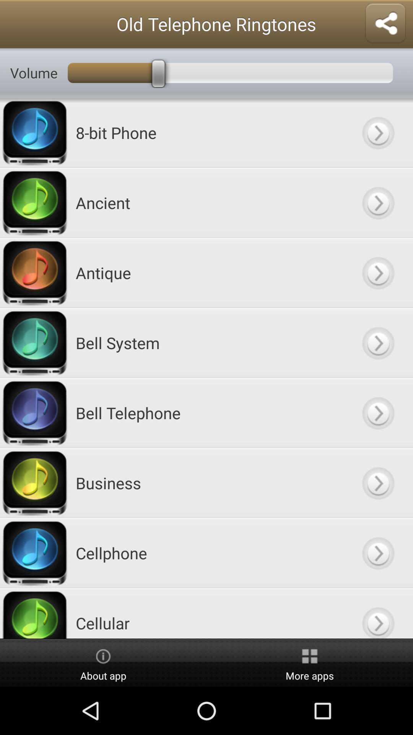 This screenshot has height=735, width=413. I want to click on button, so click(377, 613).